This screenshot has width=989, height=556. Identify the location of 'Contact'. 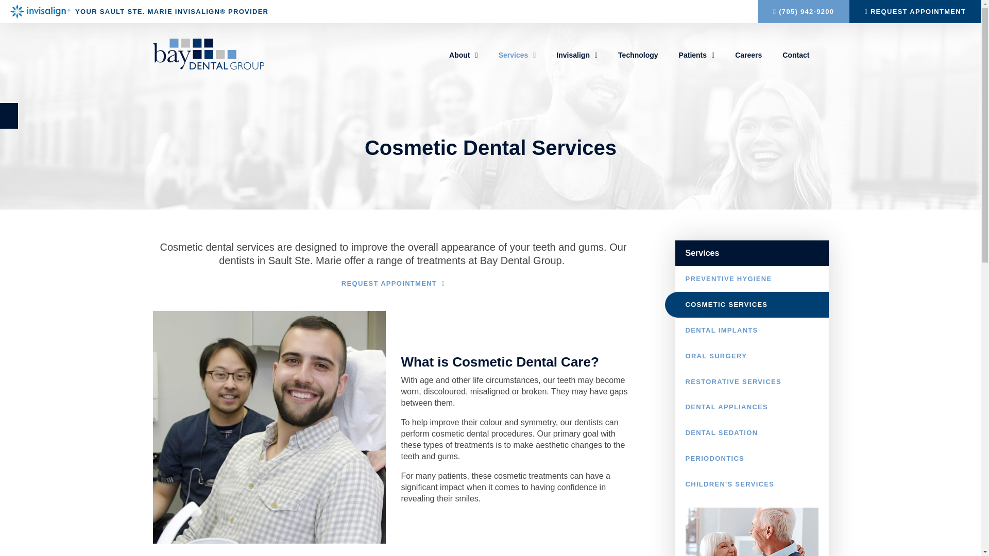
(795, 55).